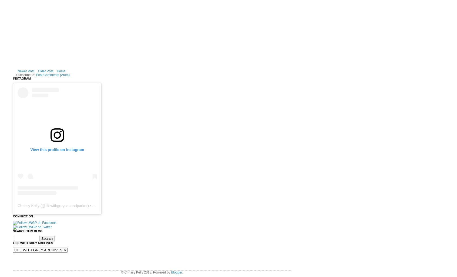 This screenshot has height=277, width=457. Describe the element at coordinates (52, 74) in the screenshot. I see `'Post Comments (Atom)'` at that location.